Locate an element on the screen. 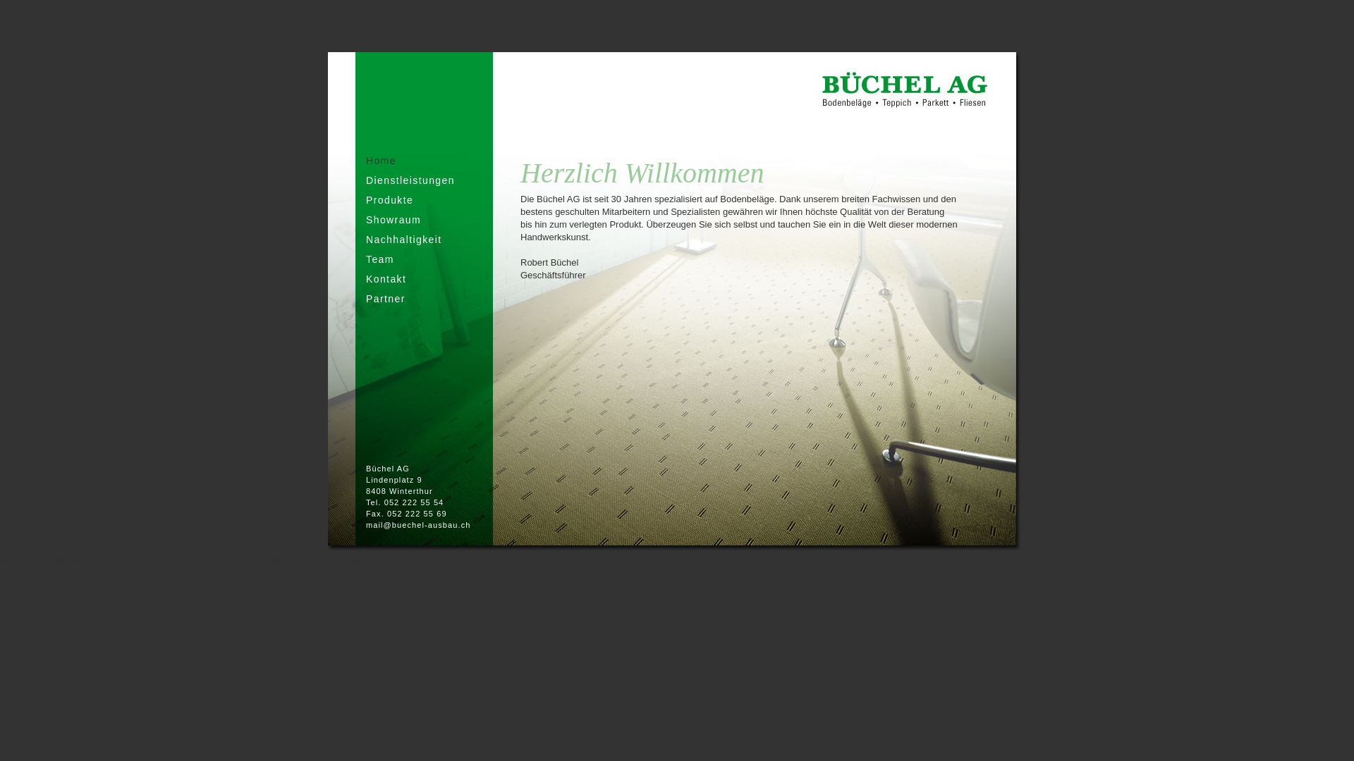  'Produkte' is located at coordinates (365, 200).